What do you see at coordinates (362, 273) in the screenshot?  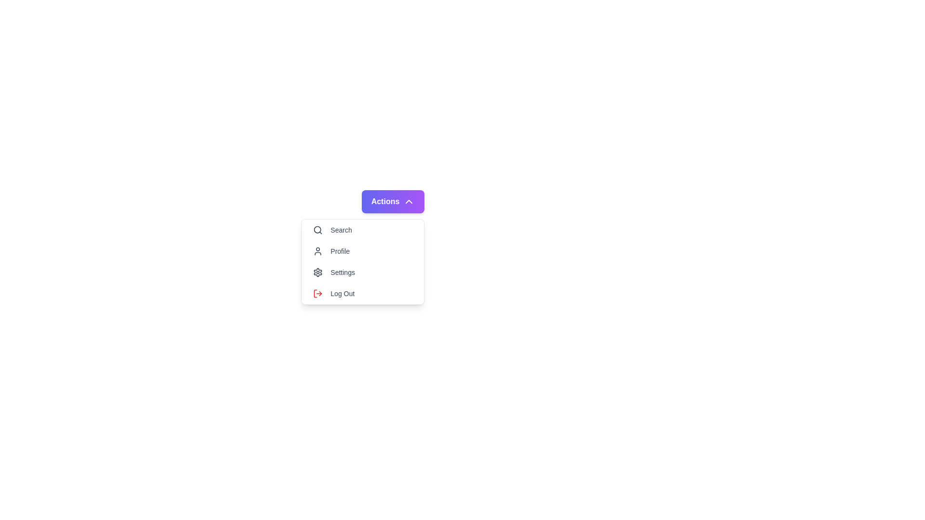 I see `the 'Settings' menu item, which is the third item in the dropdown menu` at bounding box center [362, 273].